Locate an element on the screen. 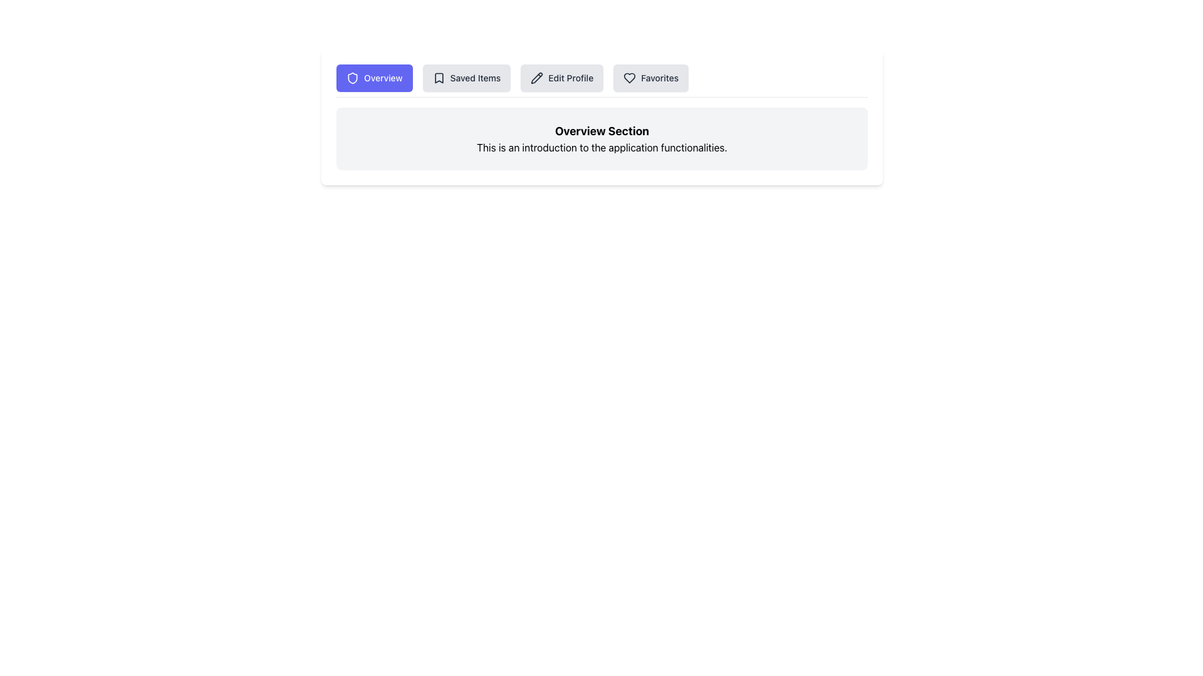 The height and width of the screenshot is (676, 1203). the 'Edit Profile' button, which is the third button from the left in a horizontal group of buttons at the top of the interface, styled with a light gray background and a pencil icon is located at coordinates (561, 78).